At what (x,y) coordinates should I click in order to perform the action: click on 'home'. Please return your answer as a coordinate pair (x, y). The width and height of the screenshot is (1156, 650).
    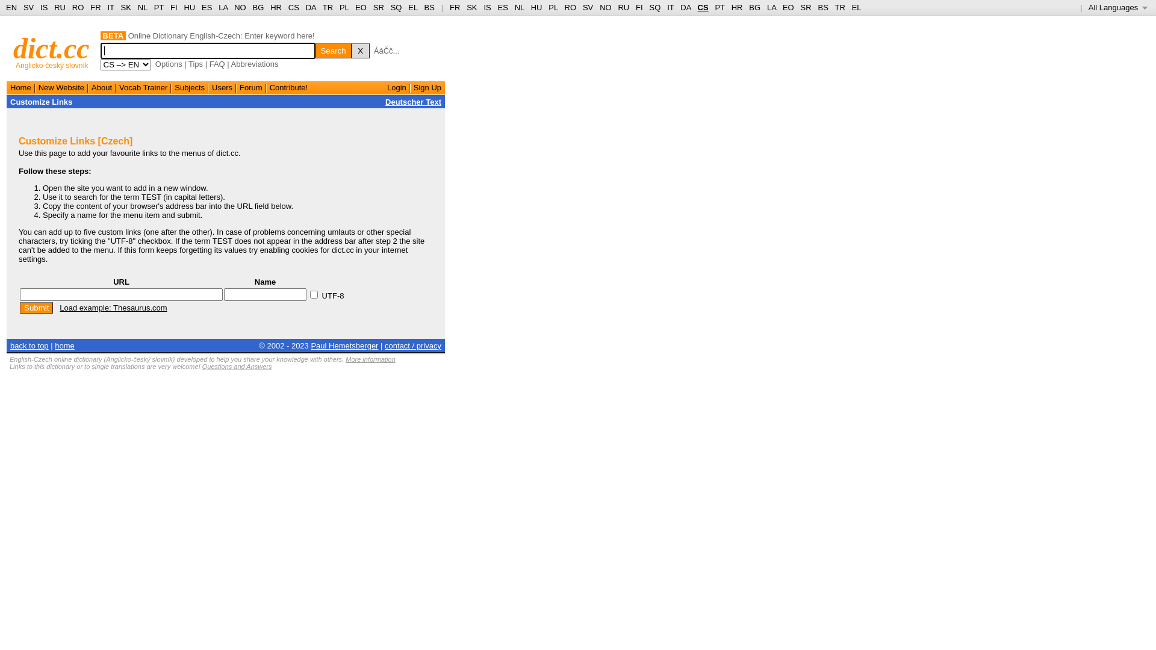
    Looking at the image, I should click on (64, 345).